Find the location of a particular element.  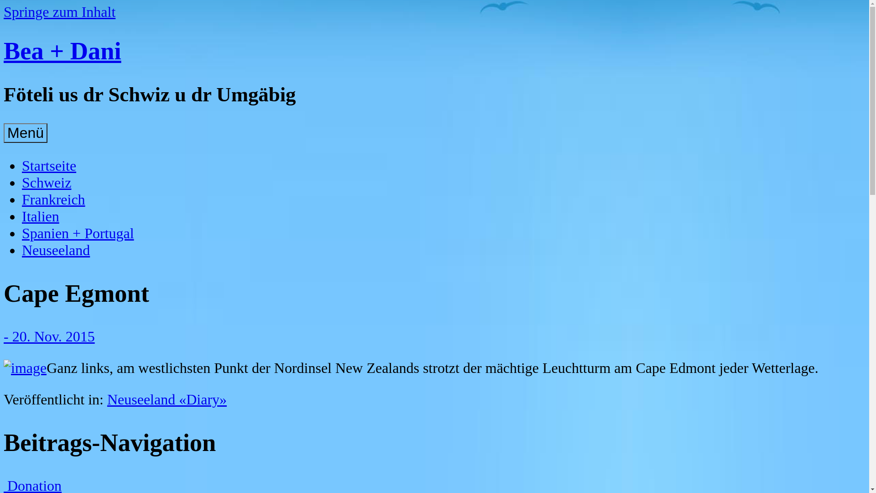

'Frankreich' is located at coordinates (53, 199).